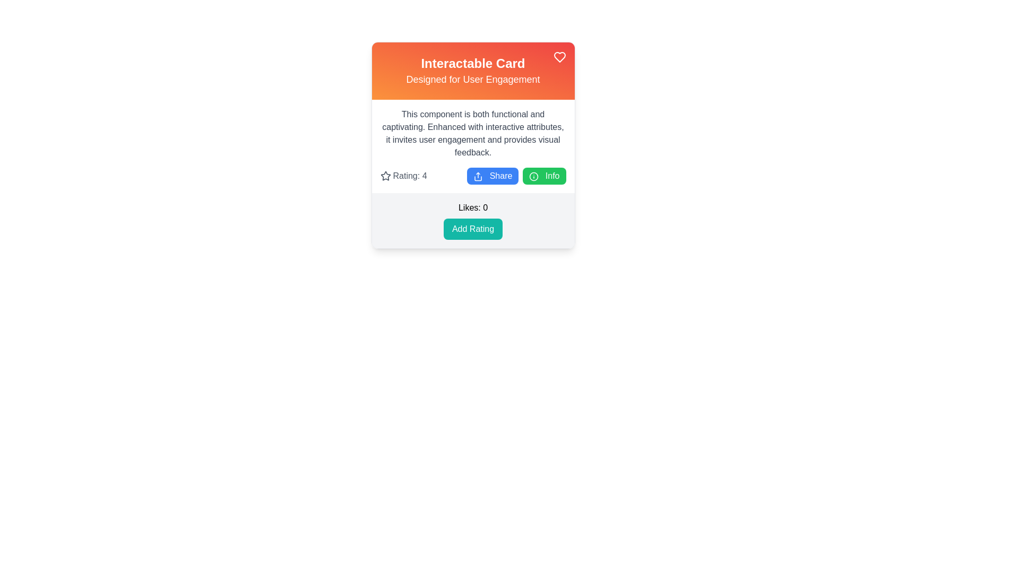 This screenshot has height=573, width=1019. What do you see at coordinates (472, 63) in the screenshot?
I see `the Text Label at the top-center of the card, which serves as the title indicating the card's purpose or content` at bounding box center [472, 63].